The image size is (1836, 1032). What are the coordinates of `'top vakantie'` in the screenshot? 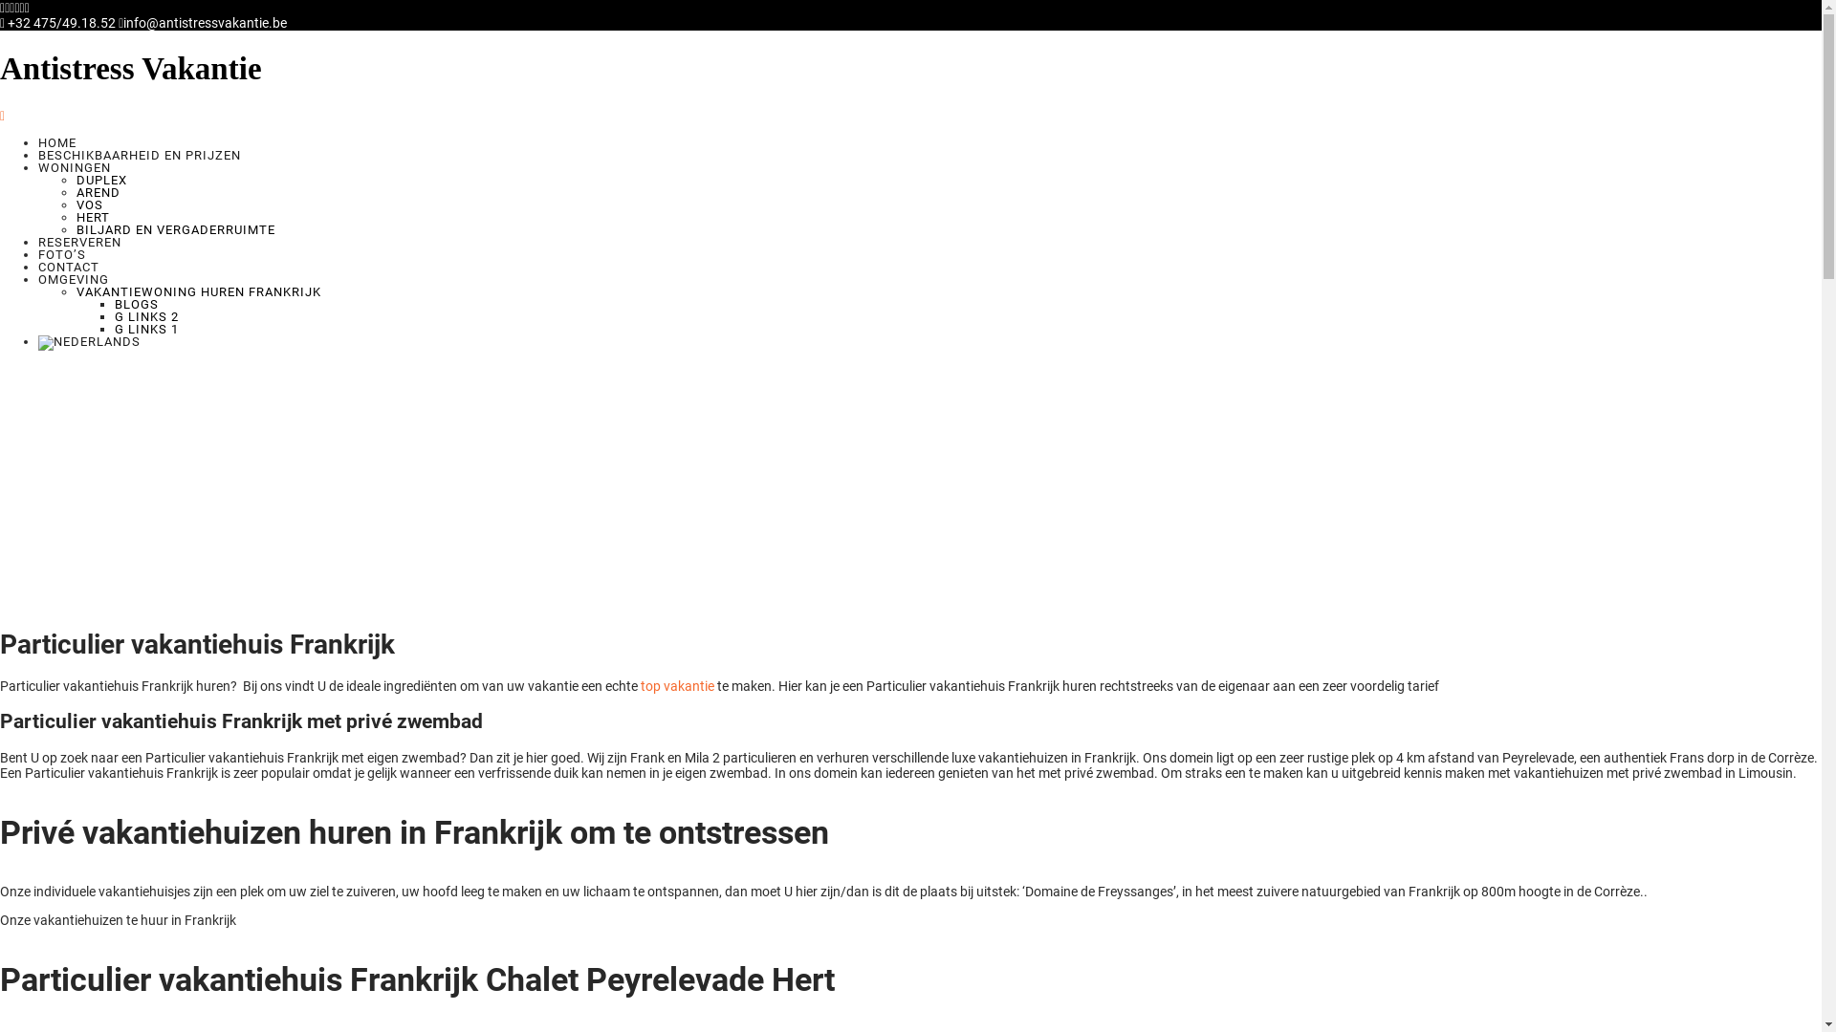 It's located at (677, 684).